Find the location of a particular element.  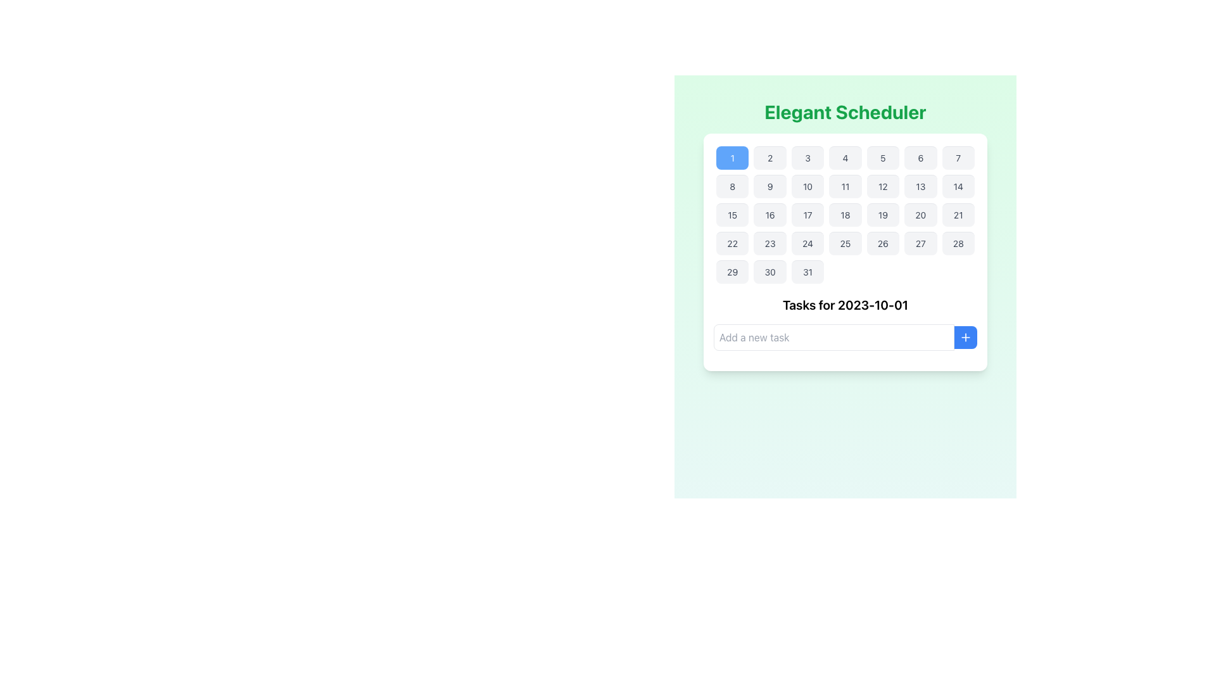

the square button displaying the number '8' with a light gray background is located at coordinates (732, 186).